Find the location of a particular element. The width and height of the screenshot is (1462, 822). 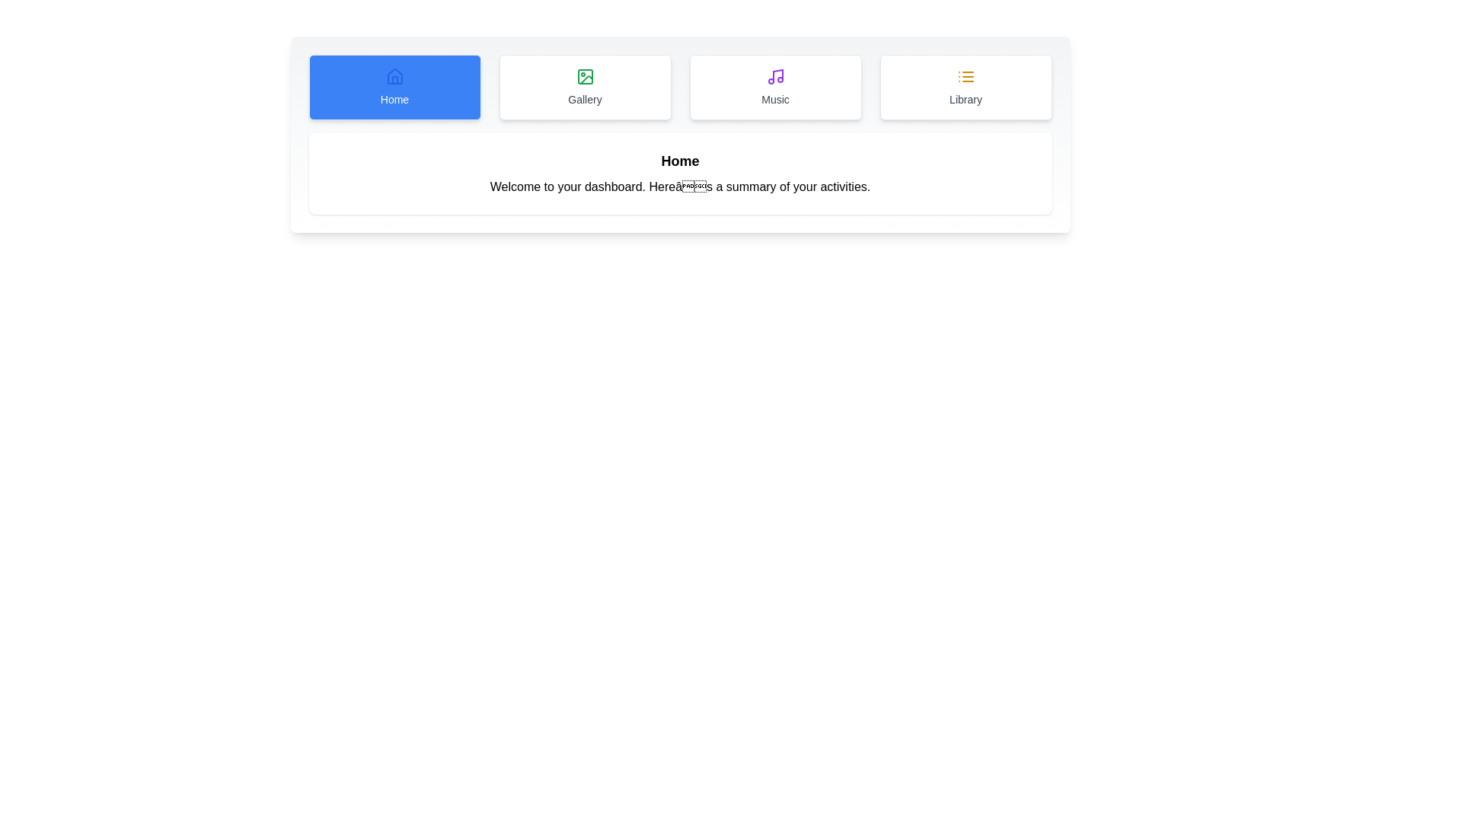

the button labeled Home to observe its hover effect is located at coordinates (394, 88).